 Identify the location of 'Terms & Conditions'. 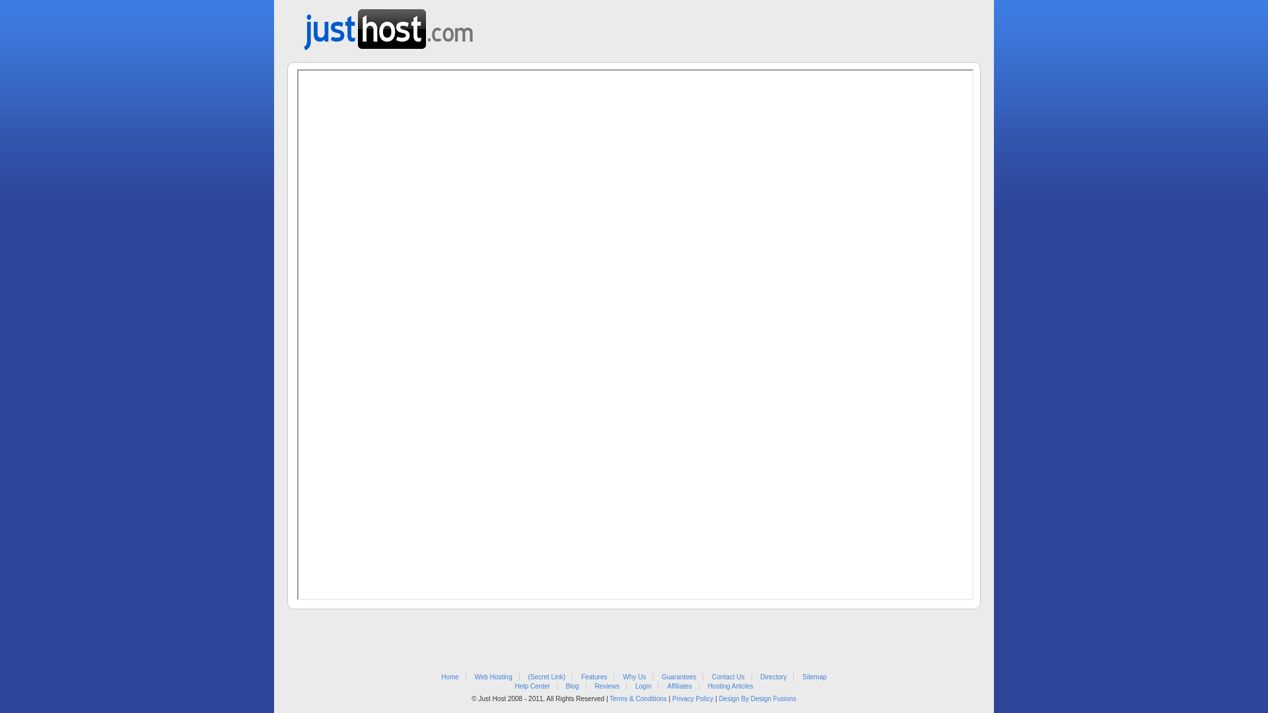
(608, 698).